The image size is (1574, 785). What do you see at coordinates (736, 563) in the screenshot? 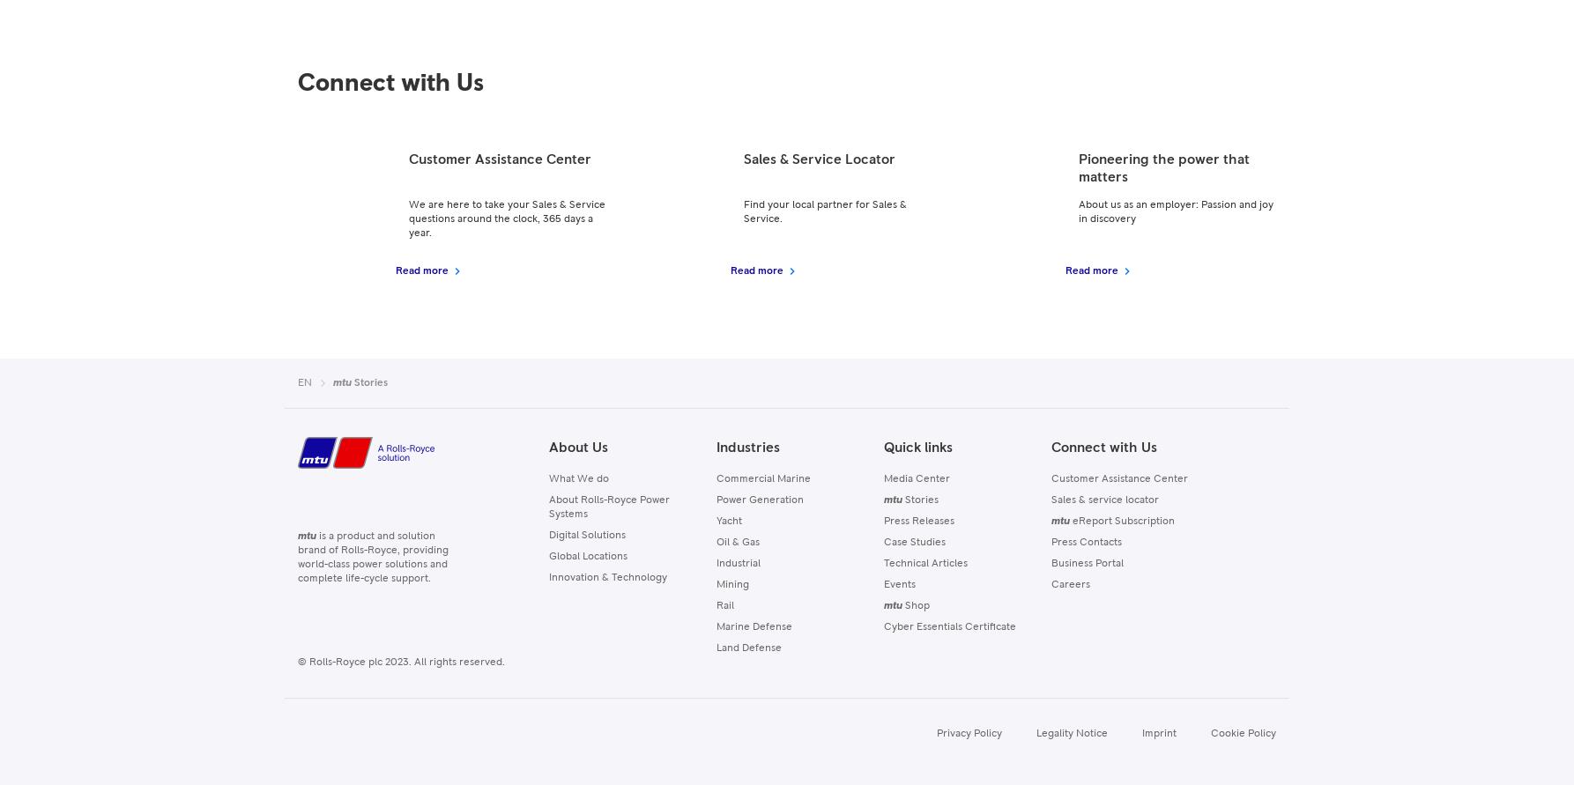
I see `'Industrial'` at bounding box center [736, 563].